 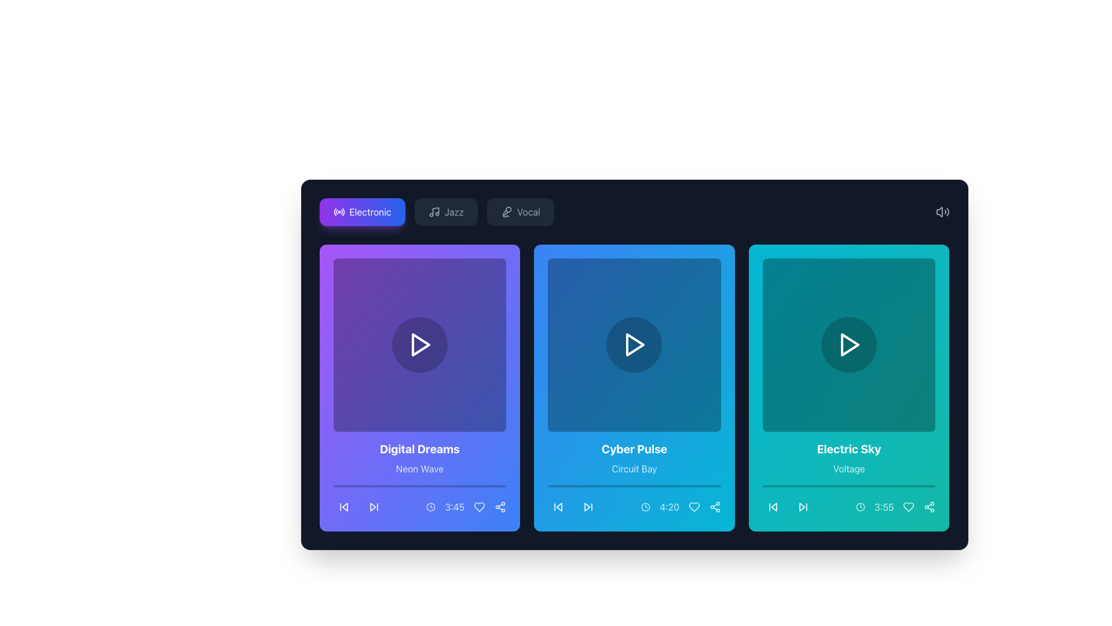 I want to click on the time duration display text label associated with the 'Cyber Pulse' card, located in the control section to the right of the clock icon, so click(x=670, y=506).